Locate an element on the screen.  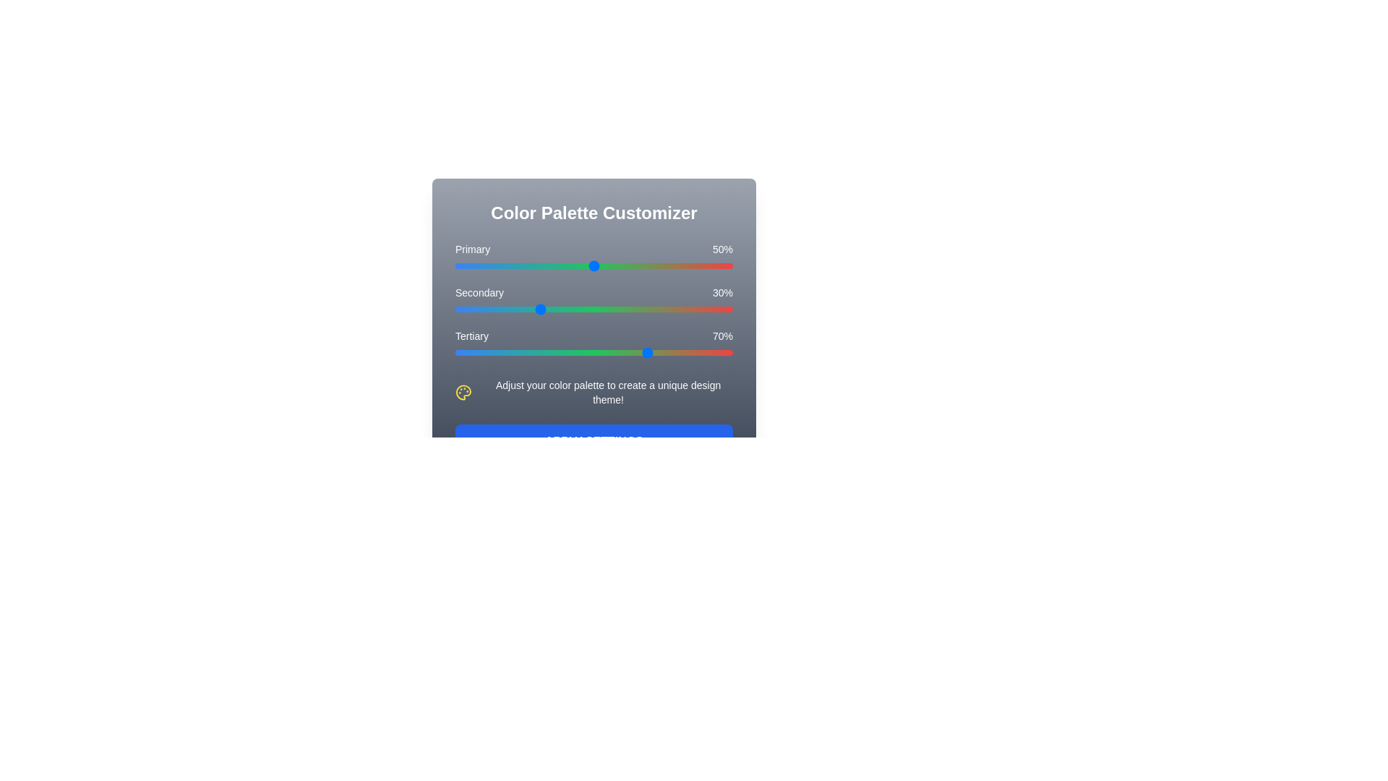
the tertiary slider is located at coordinates (460, 353).